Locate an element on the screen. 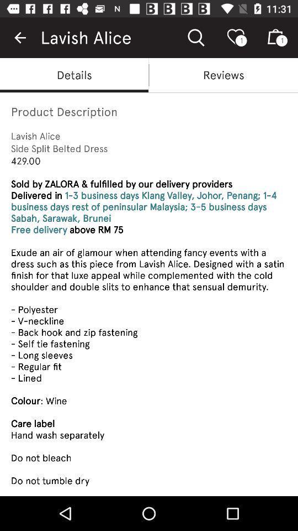 The width and height of the screenshot is (298, 531). the item next to lavish alice item is located at coordinates (20, 38).